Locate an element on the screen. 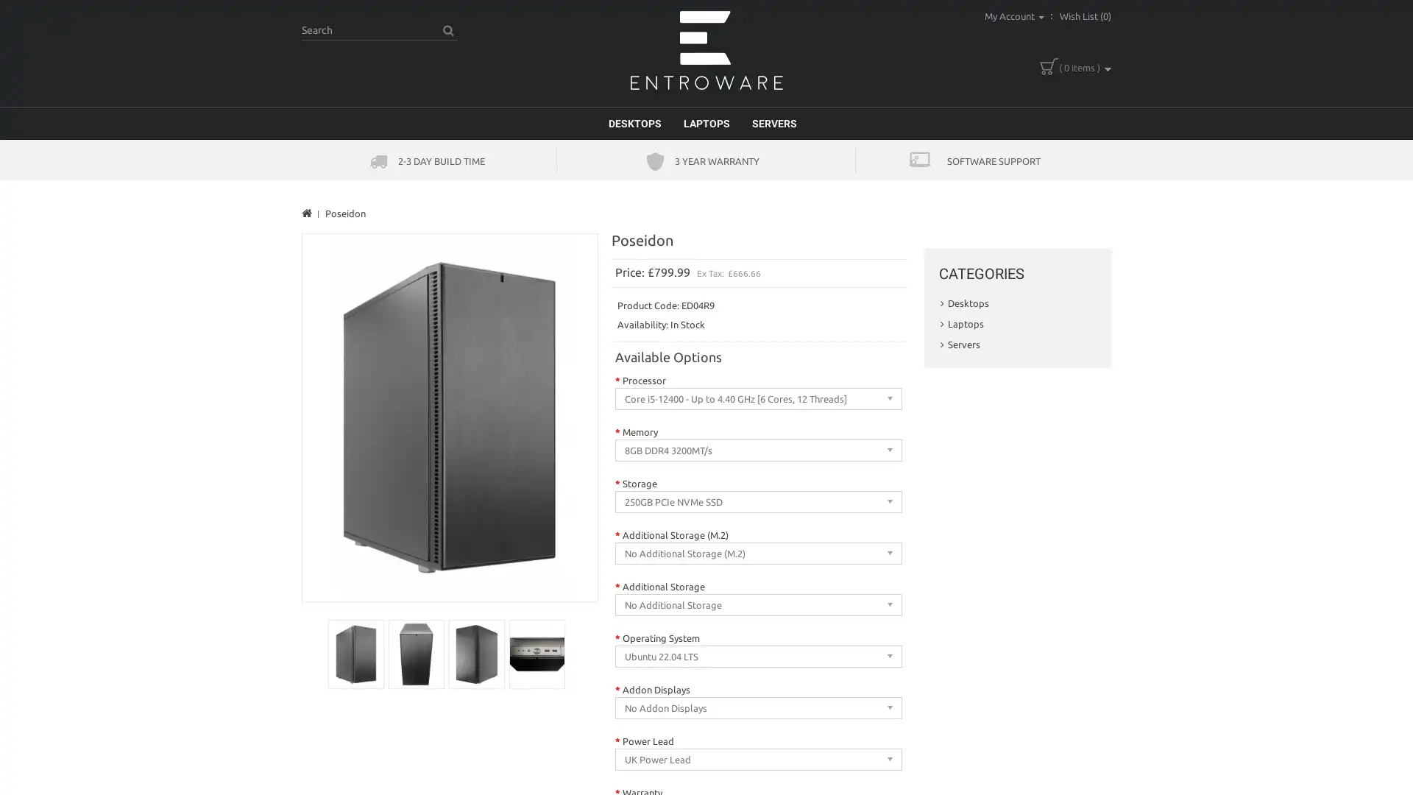  ( 0 items ) is located at coordinates (1075, 67).